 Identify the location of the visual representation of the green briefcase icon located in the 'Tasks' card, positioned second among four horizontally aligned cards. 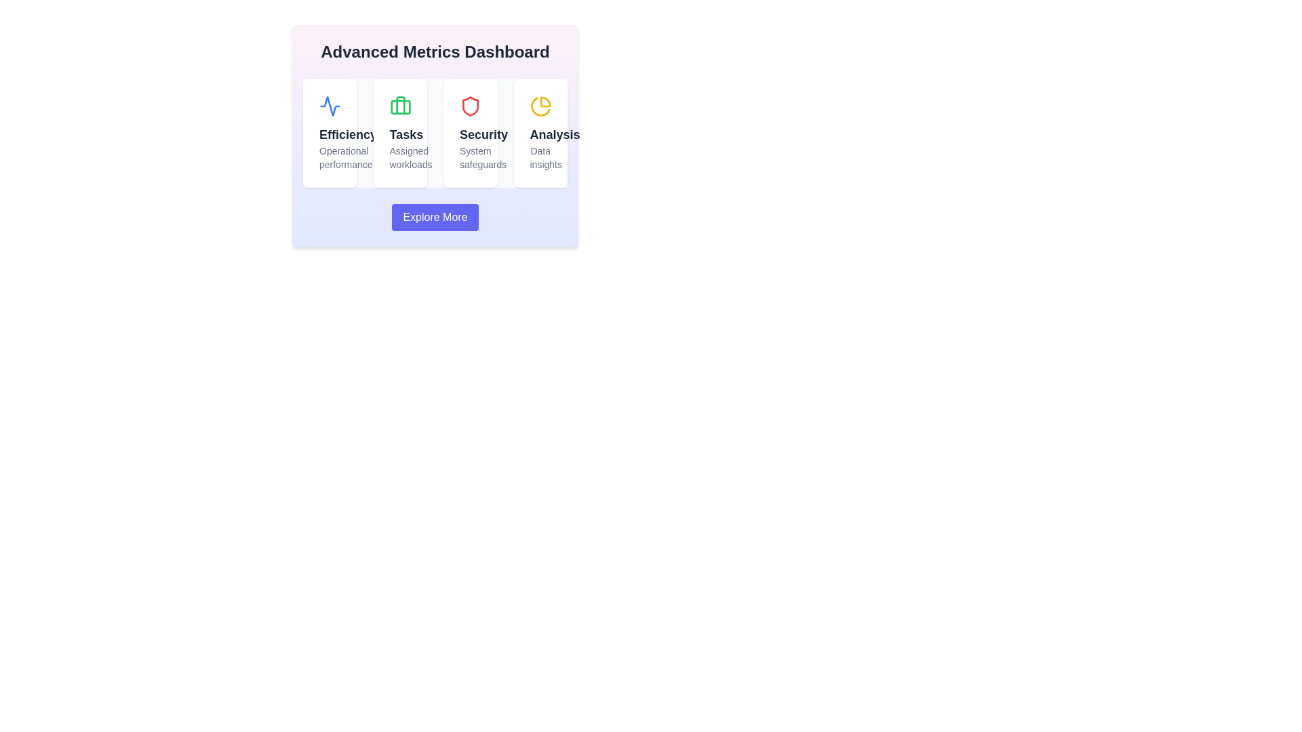
(399, 106).